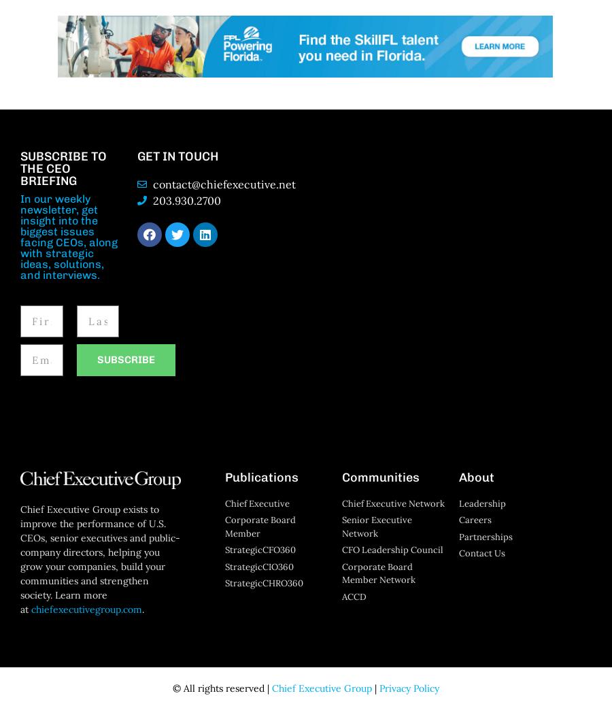 This screenshot has height=719, width=612. I want to click on 'Privacy Policy', so click(379, 687).